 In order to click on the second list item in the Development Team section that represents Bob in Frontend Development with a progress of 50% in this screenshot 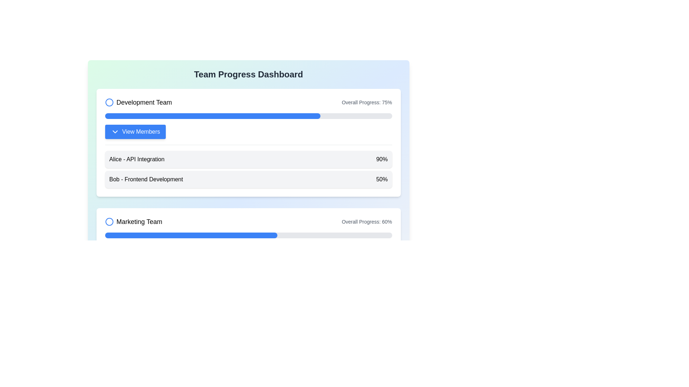, I will do `click(248, 179)`.